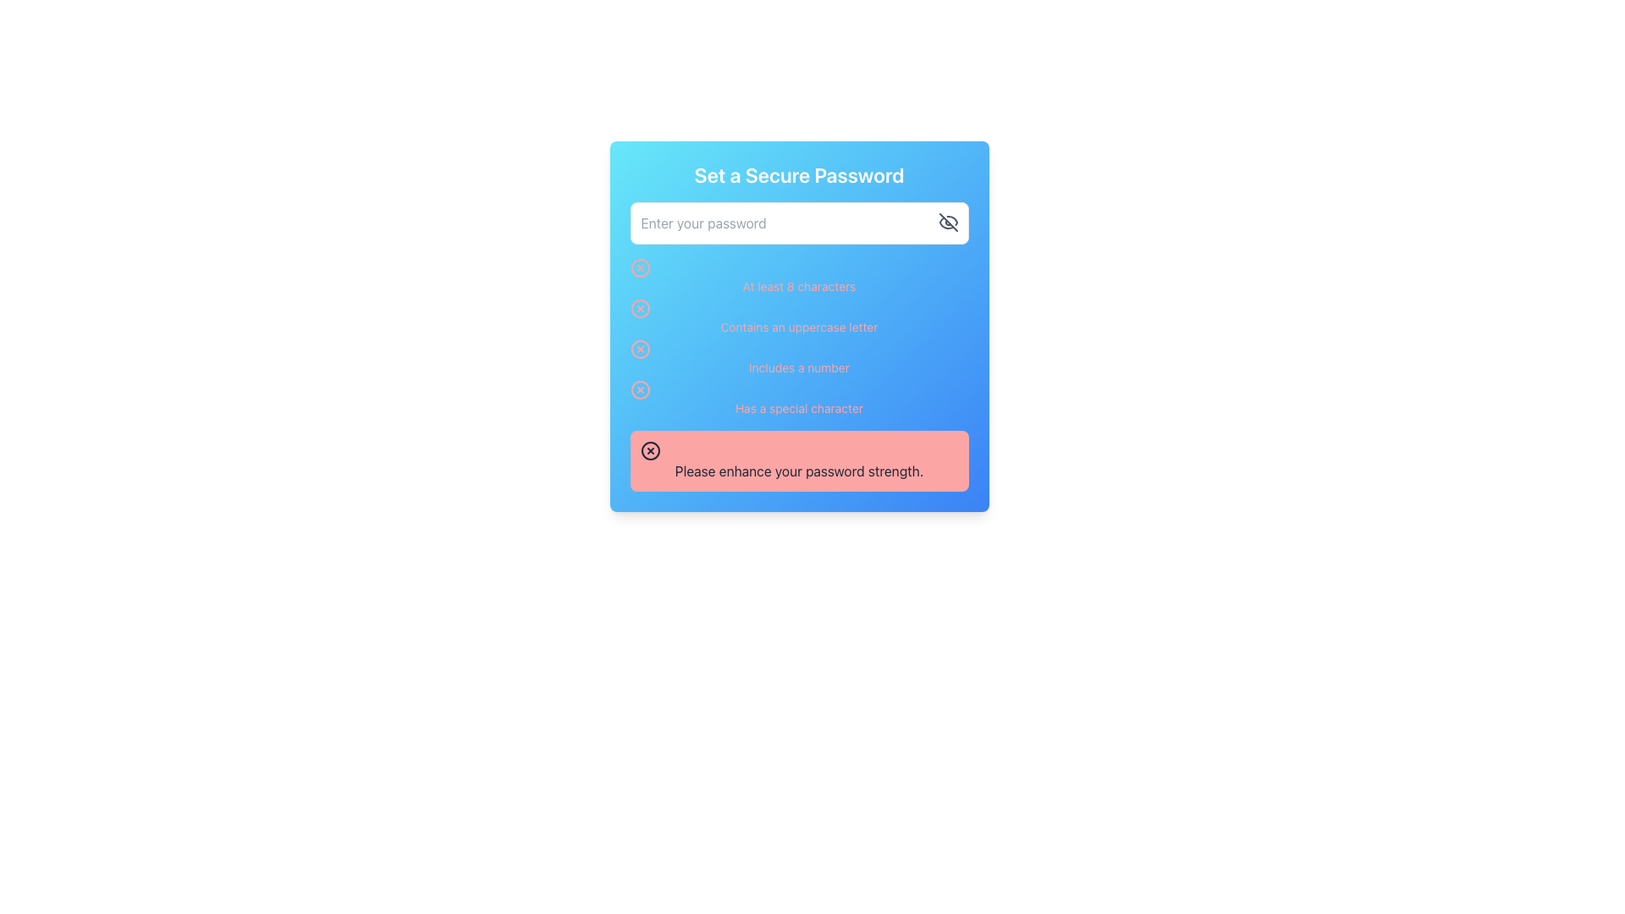 Image resolution: width=1625 pixels, height=914 pixels. What do you see at coordinates (639, 309) in the screenshot?
I see `the second visual icon in the password validation section that indicates the criterion 'Contains an uppercase letter' is not satisfied` at bounding box center [639, 309].